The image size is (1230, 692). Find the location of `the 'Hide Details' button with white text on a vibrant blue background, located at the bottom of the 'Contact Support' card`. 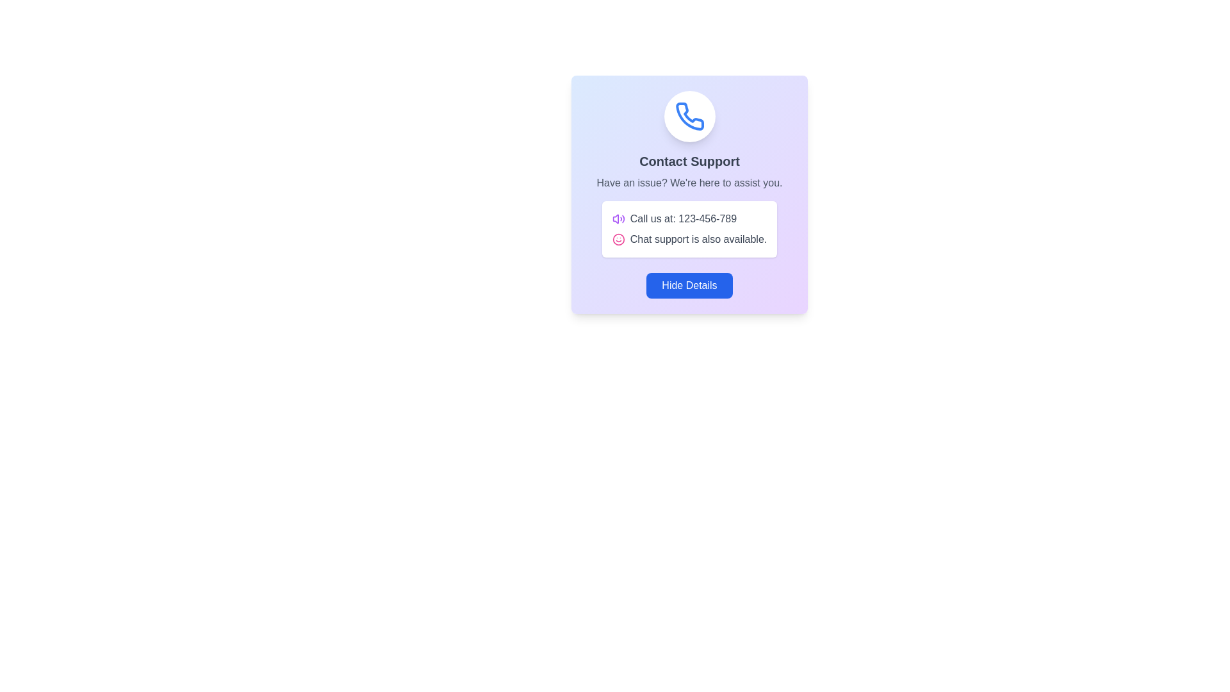

the 'Hide Details' button with white text on a vibrant blue background, located at the bottom of the 'Contact Support' card is located at coordinates (689, 285).